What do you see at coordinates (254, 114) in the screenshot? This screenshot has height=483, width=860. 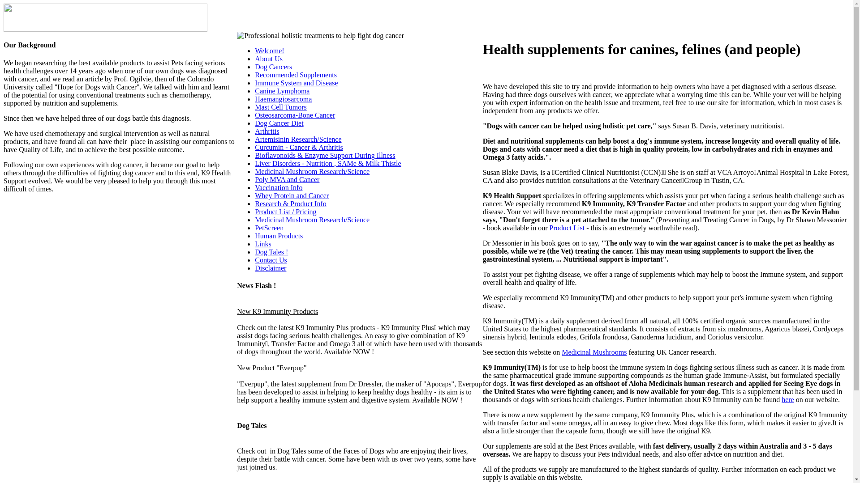 I see `'Osteosarcoma-Bone Cancer'` at bounding box center [254, 114].